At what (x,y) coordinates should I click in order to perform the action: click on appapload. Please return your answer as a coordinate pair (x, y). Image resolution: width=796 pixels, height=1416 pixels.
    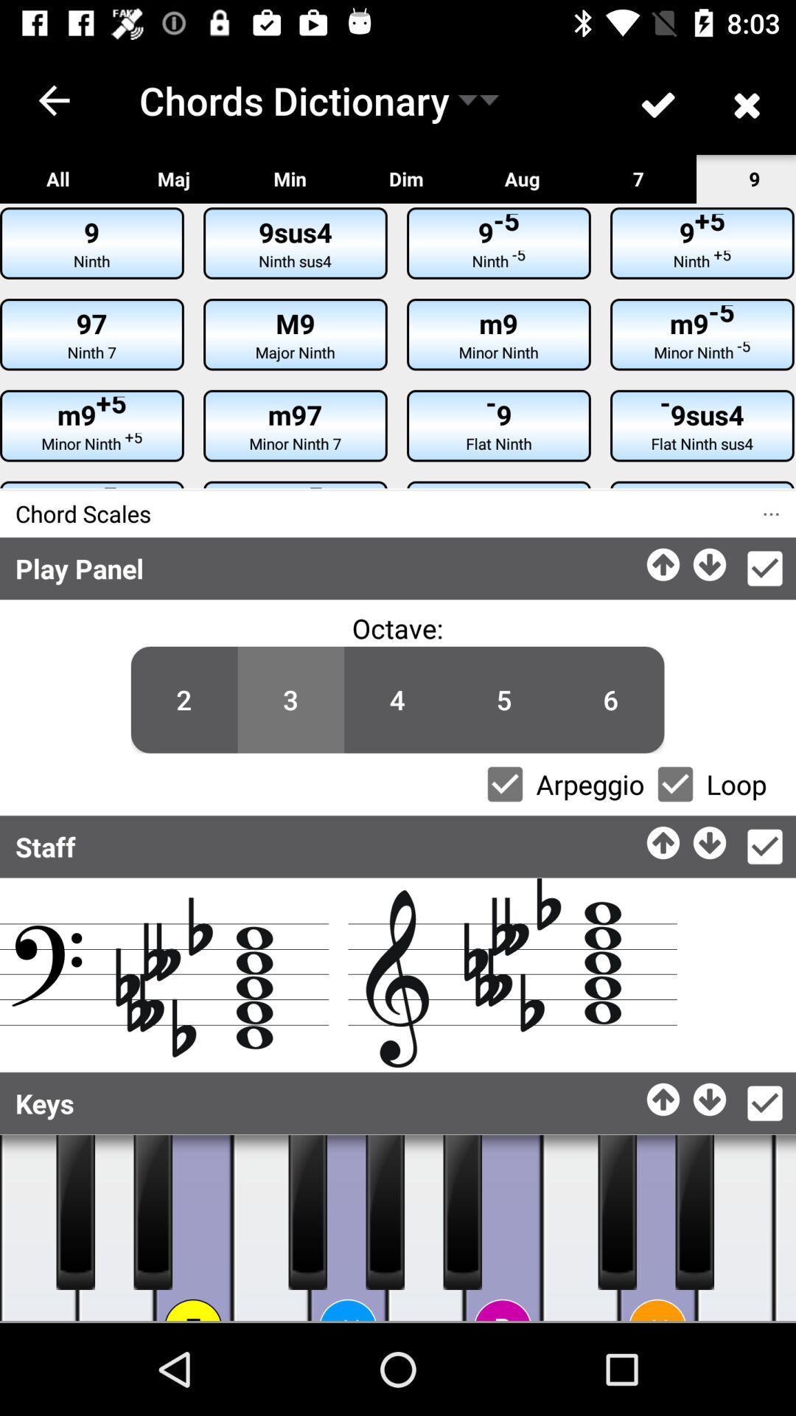
    Looking at the image, I should click on (664, 1095).